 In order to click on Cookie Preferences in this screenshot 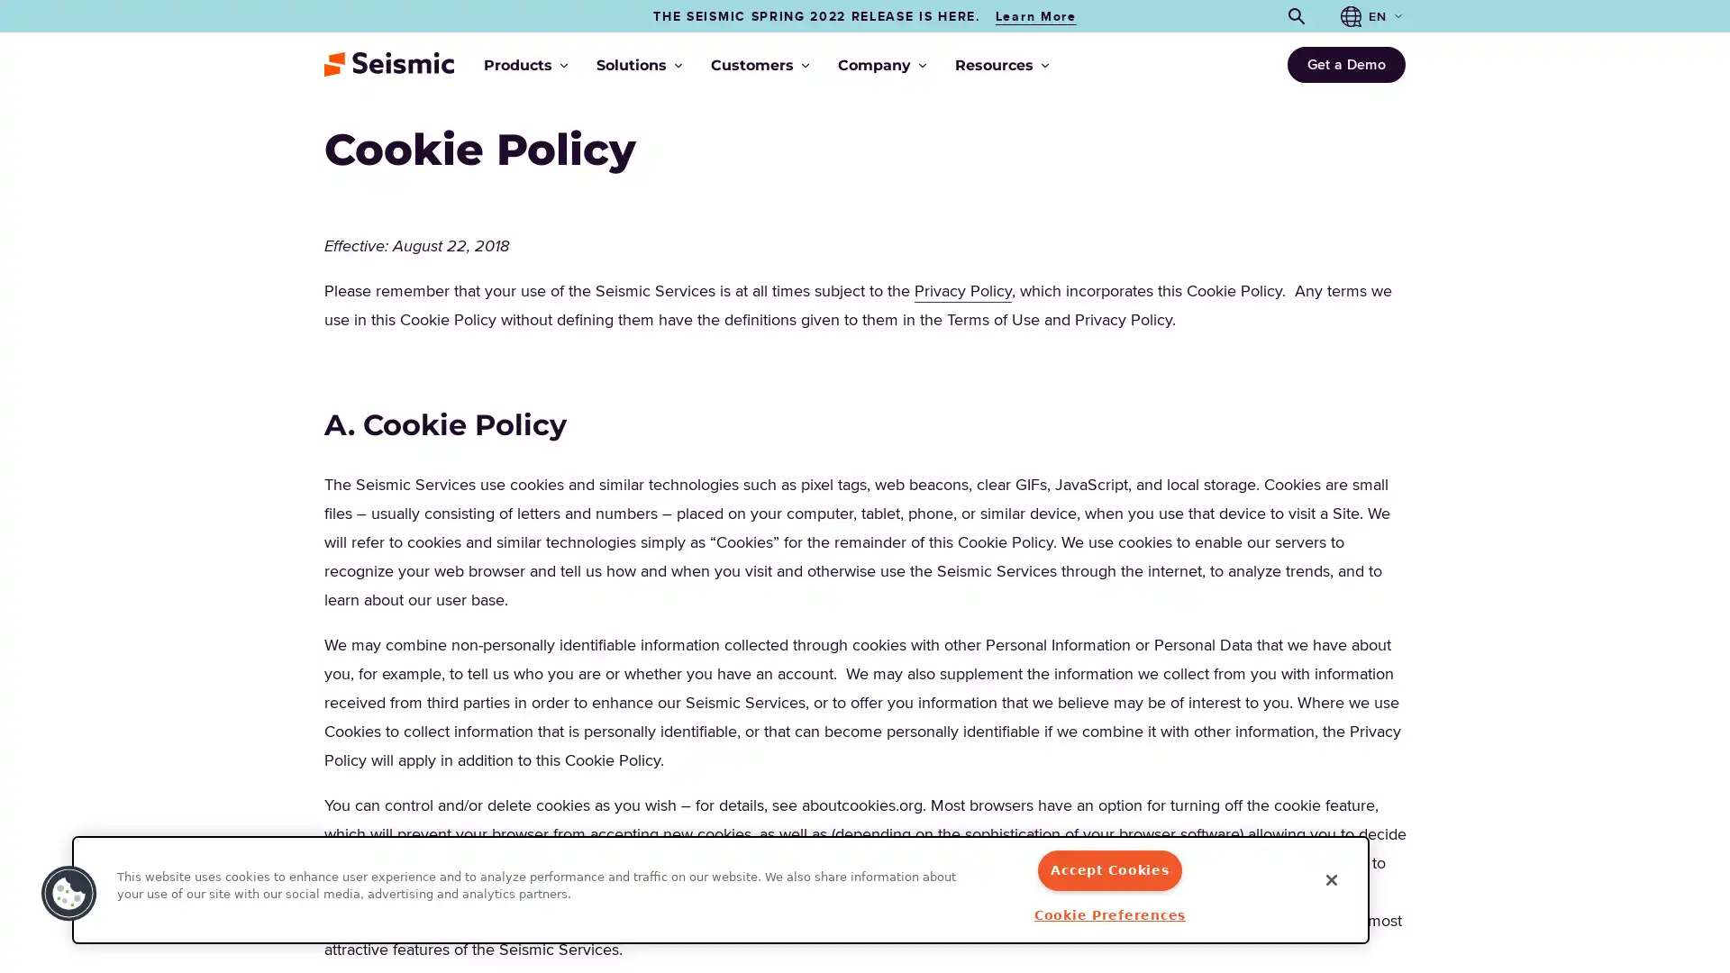, I will do `click(1108, 914)`.